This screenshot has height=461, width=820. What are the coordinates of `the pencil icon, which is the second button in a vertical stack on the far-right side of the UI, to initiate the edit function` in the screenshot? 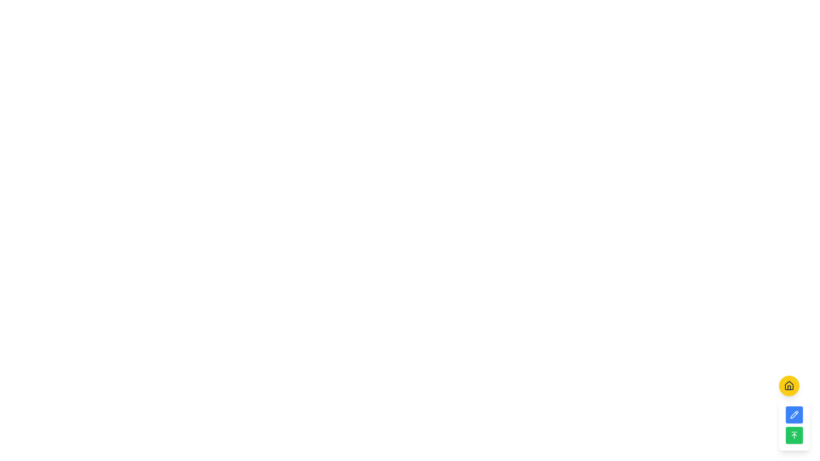 It's located at (794, 414).